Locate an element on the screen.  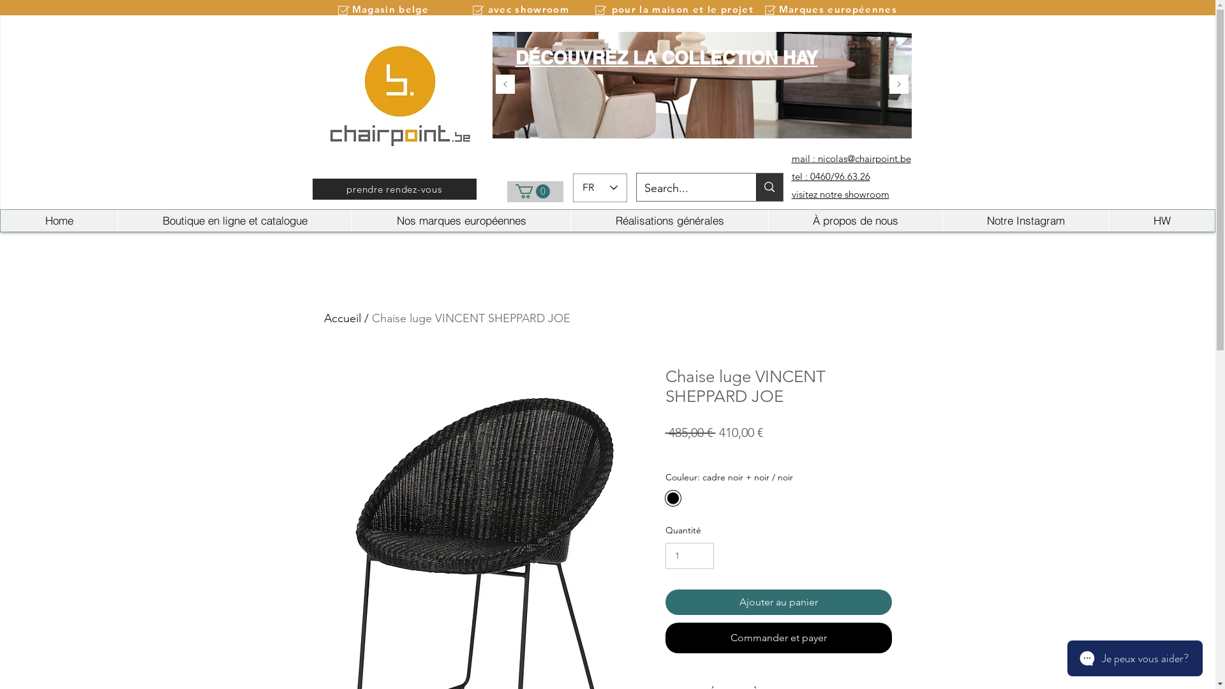
'tel : 0460/96.63.26' is located at coordinates (830, 176).